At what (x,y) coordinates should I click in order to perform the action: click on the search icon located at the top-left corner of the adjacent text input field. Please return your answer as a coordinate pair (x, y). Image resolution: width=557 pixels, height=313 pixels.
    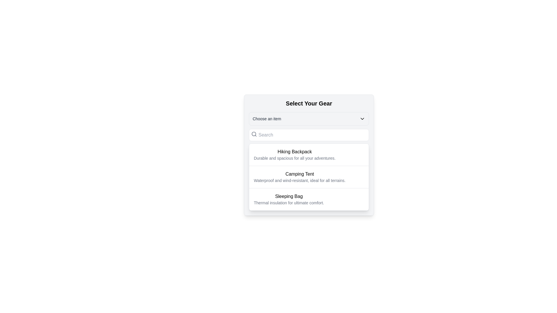
    Looking at the image, I should click on (254, 134).